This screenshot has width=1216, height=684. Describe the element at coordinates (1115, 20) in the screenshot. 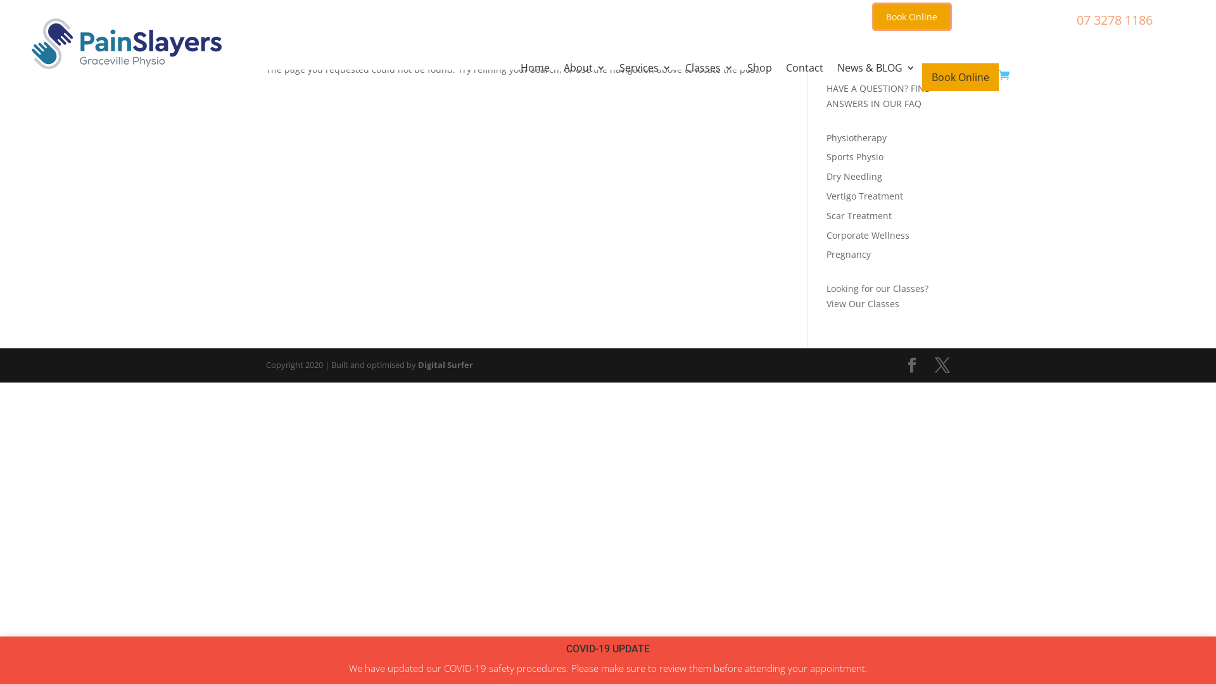

I see `'07 3278 1186'` at that location.